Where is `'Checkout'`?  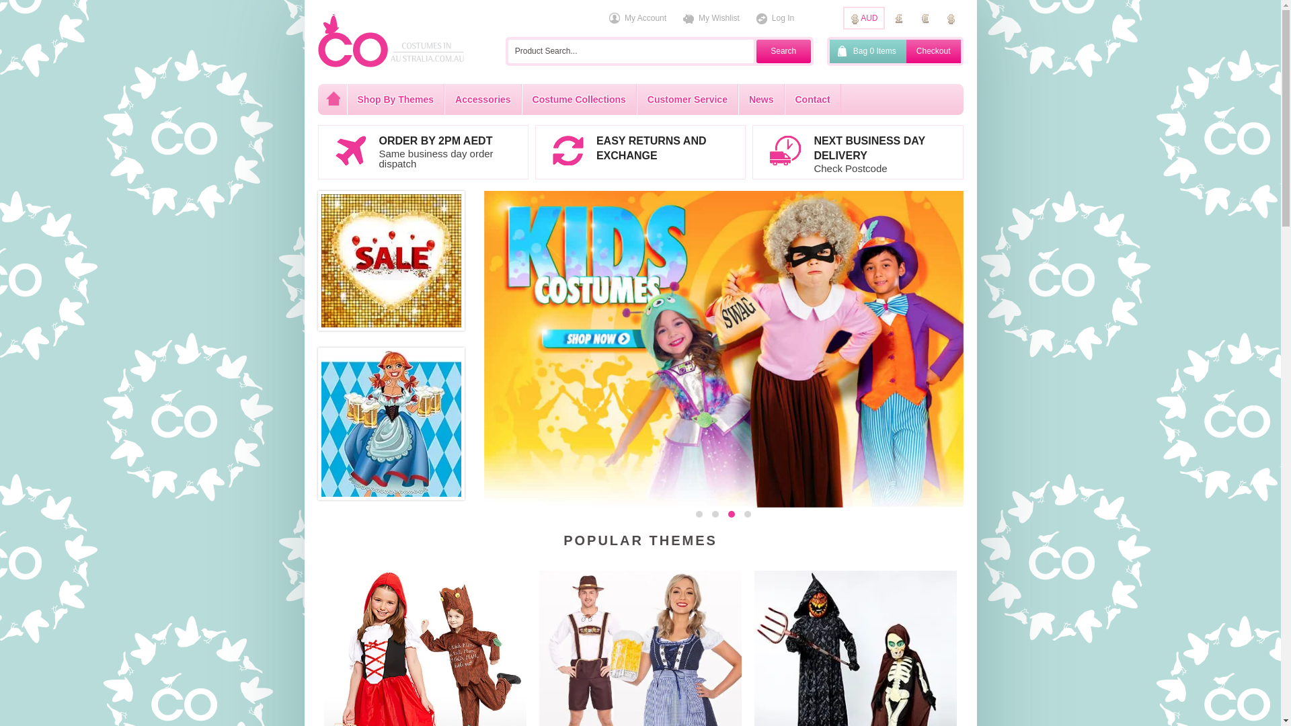 'Checkout' is located at coordinates (933, 50).